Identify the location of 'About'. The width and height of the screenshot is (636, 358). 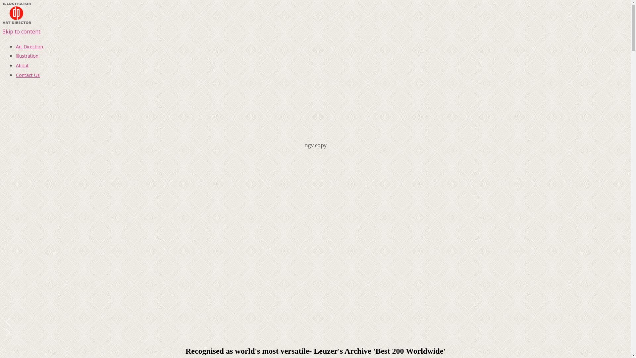
(22, 65).